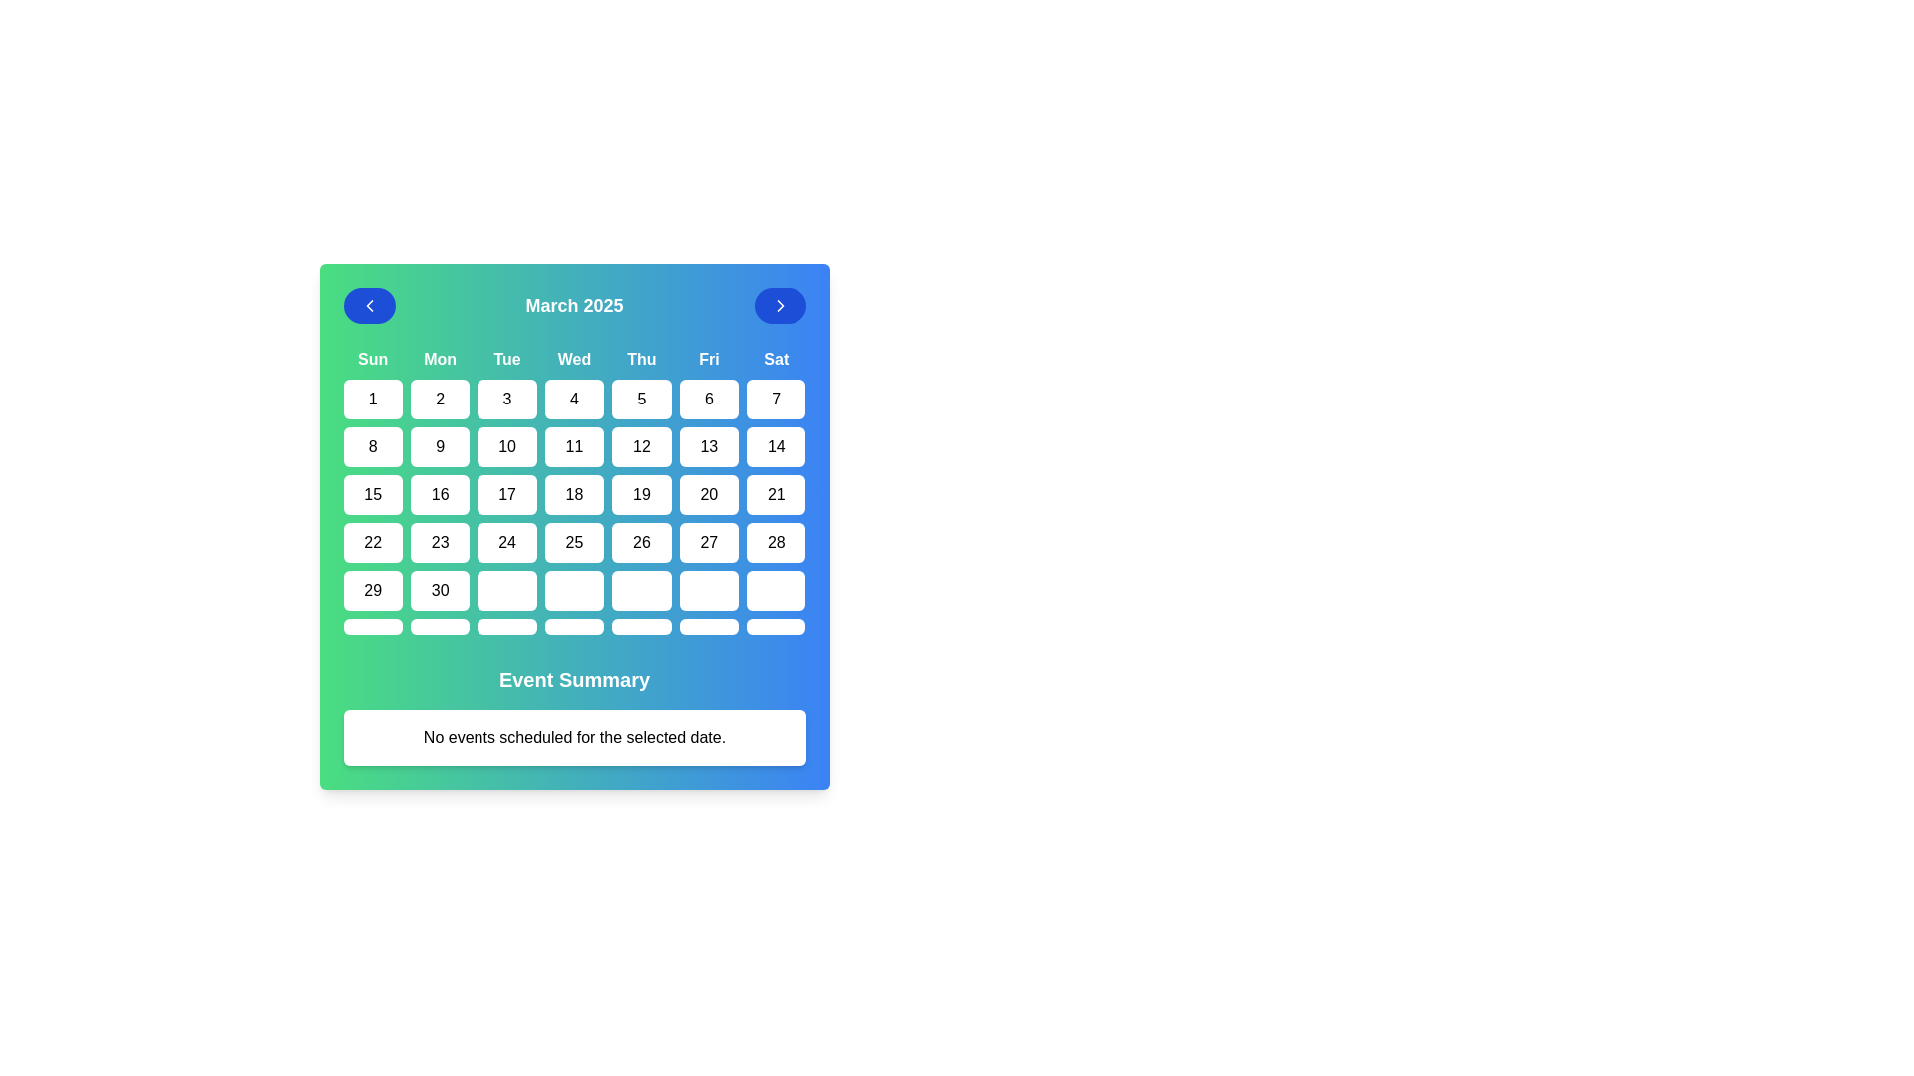 The image size is (1914, 1076). What do you see at coordinates (573, 491) in the screenshot?
I see `a date cell in the Calendar Grid for March 2025, which features rounded white background cells with black text and hover effects in greenish tone` at bounding box center [573, 491].